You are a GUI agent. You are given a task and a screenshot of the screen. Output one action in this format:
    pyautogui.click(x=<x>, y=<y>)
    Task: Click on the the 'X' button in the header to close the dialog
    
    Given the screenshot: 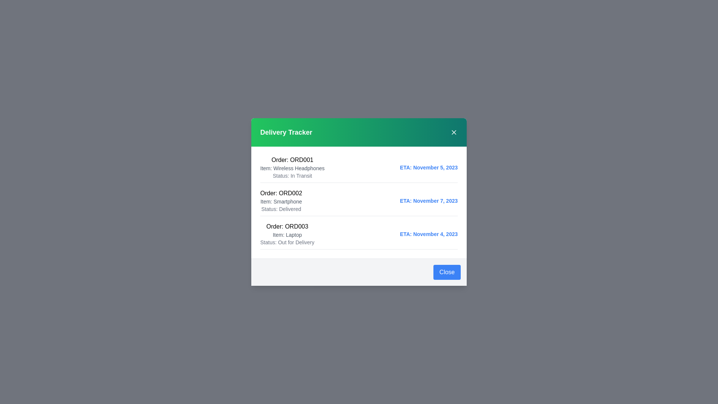 What is the action you would take?
    pyautogui.click(x=454, y=132)
    